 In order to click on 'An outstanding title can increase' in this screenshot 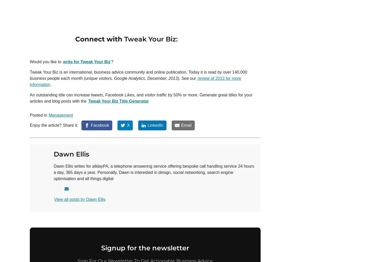, I will do `click(60, 94)`.